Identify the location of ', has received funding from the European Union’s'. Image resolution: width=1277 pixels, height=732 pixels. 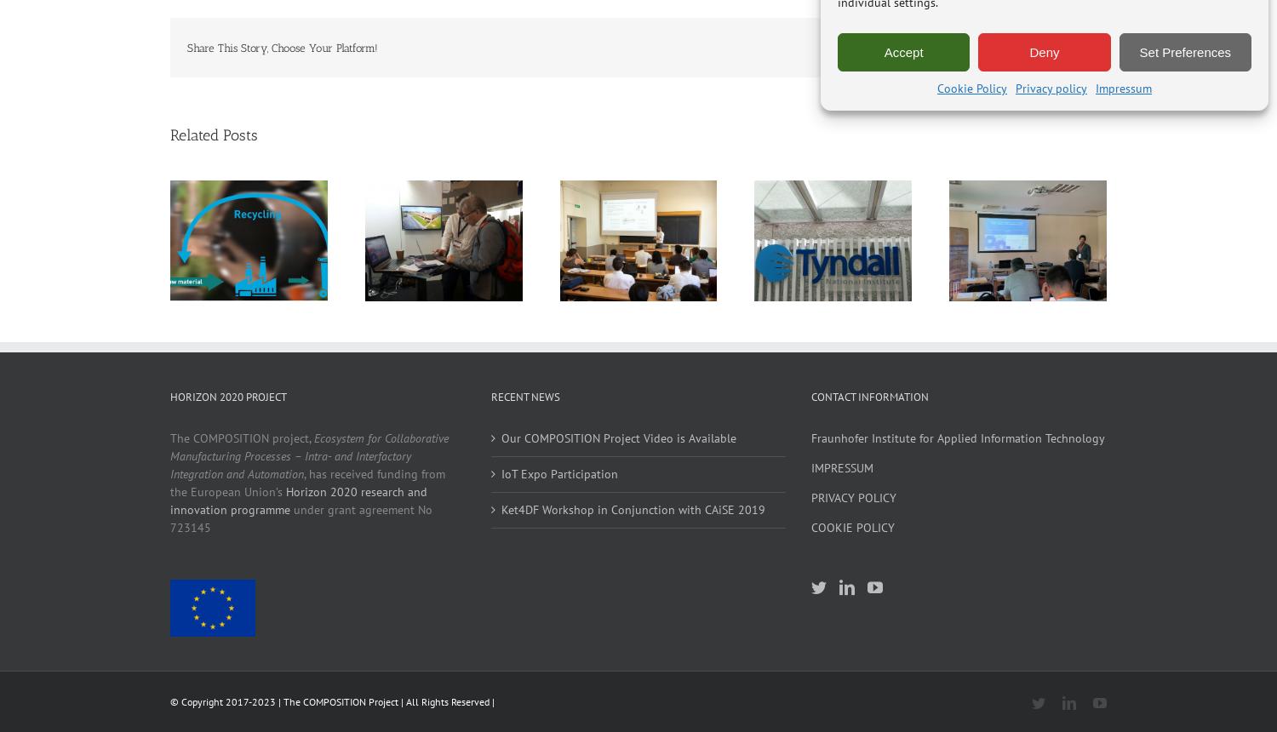
(306, 482).